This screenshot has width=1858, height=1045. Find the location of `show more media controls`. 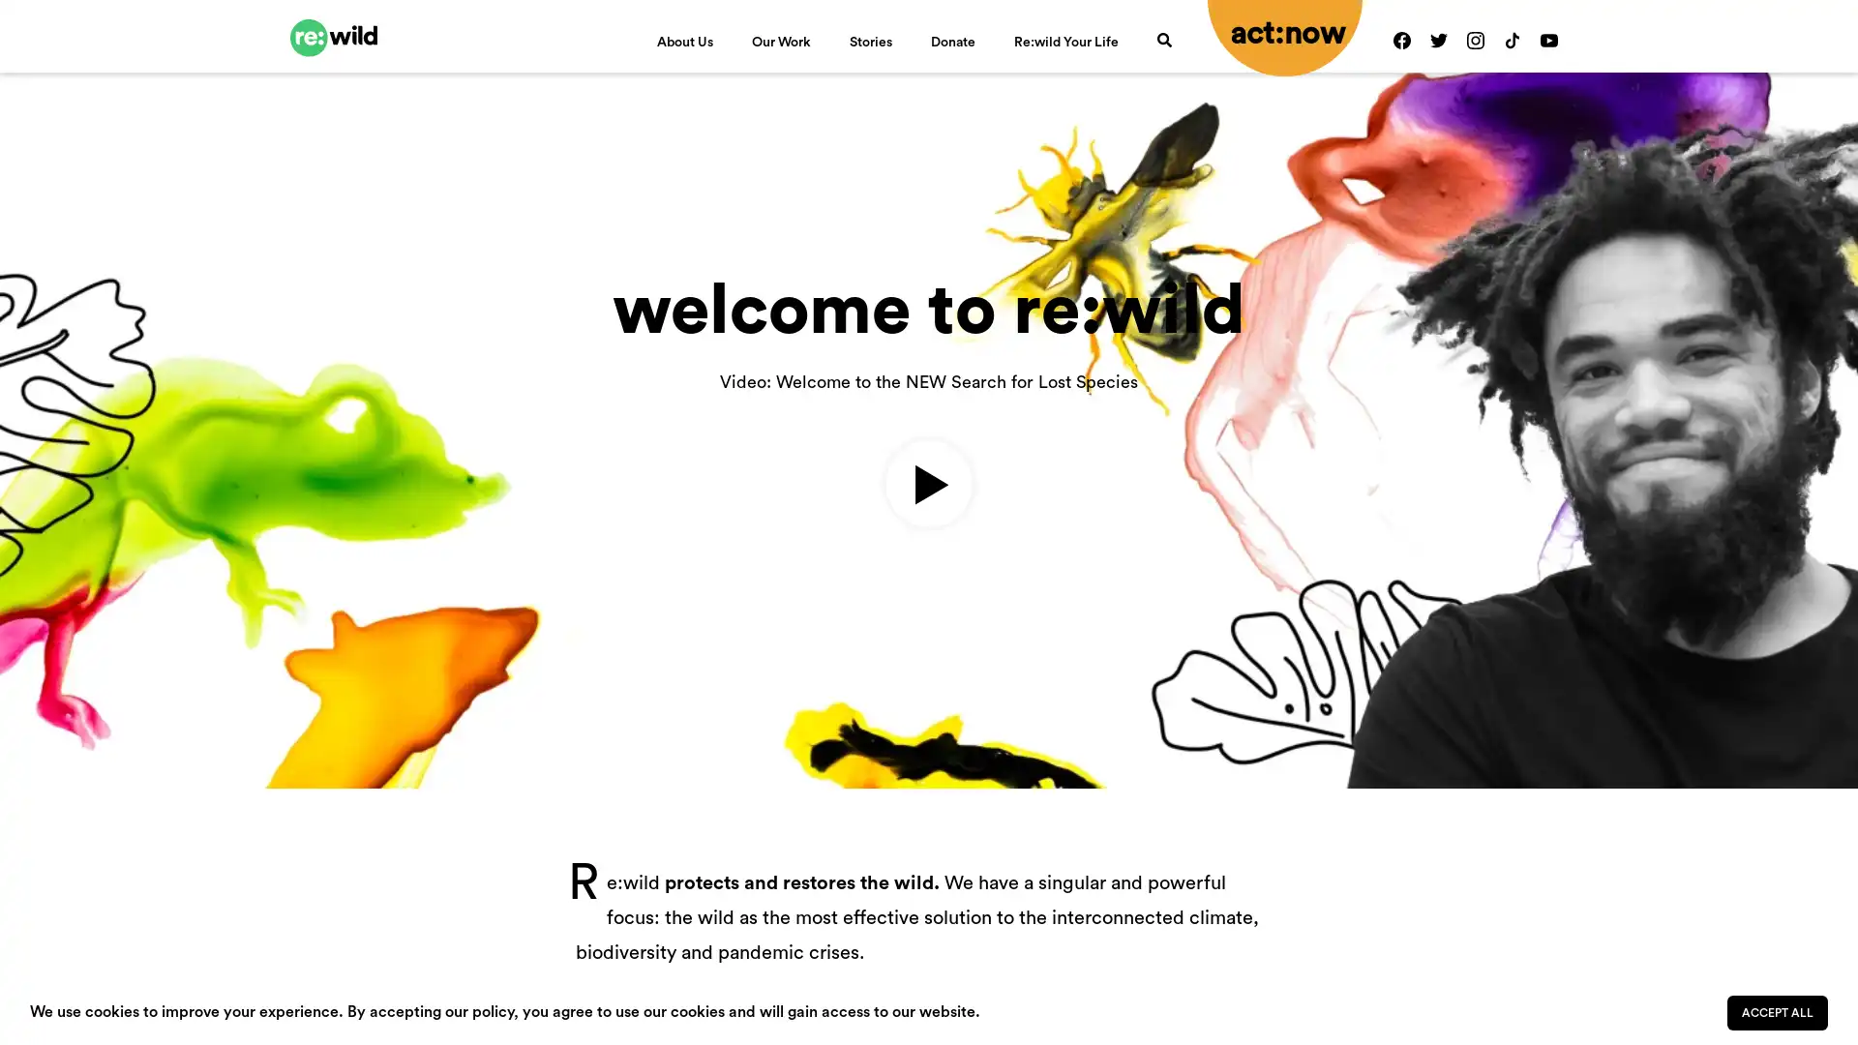

show more media controls is located at coordinates (1811, 654).